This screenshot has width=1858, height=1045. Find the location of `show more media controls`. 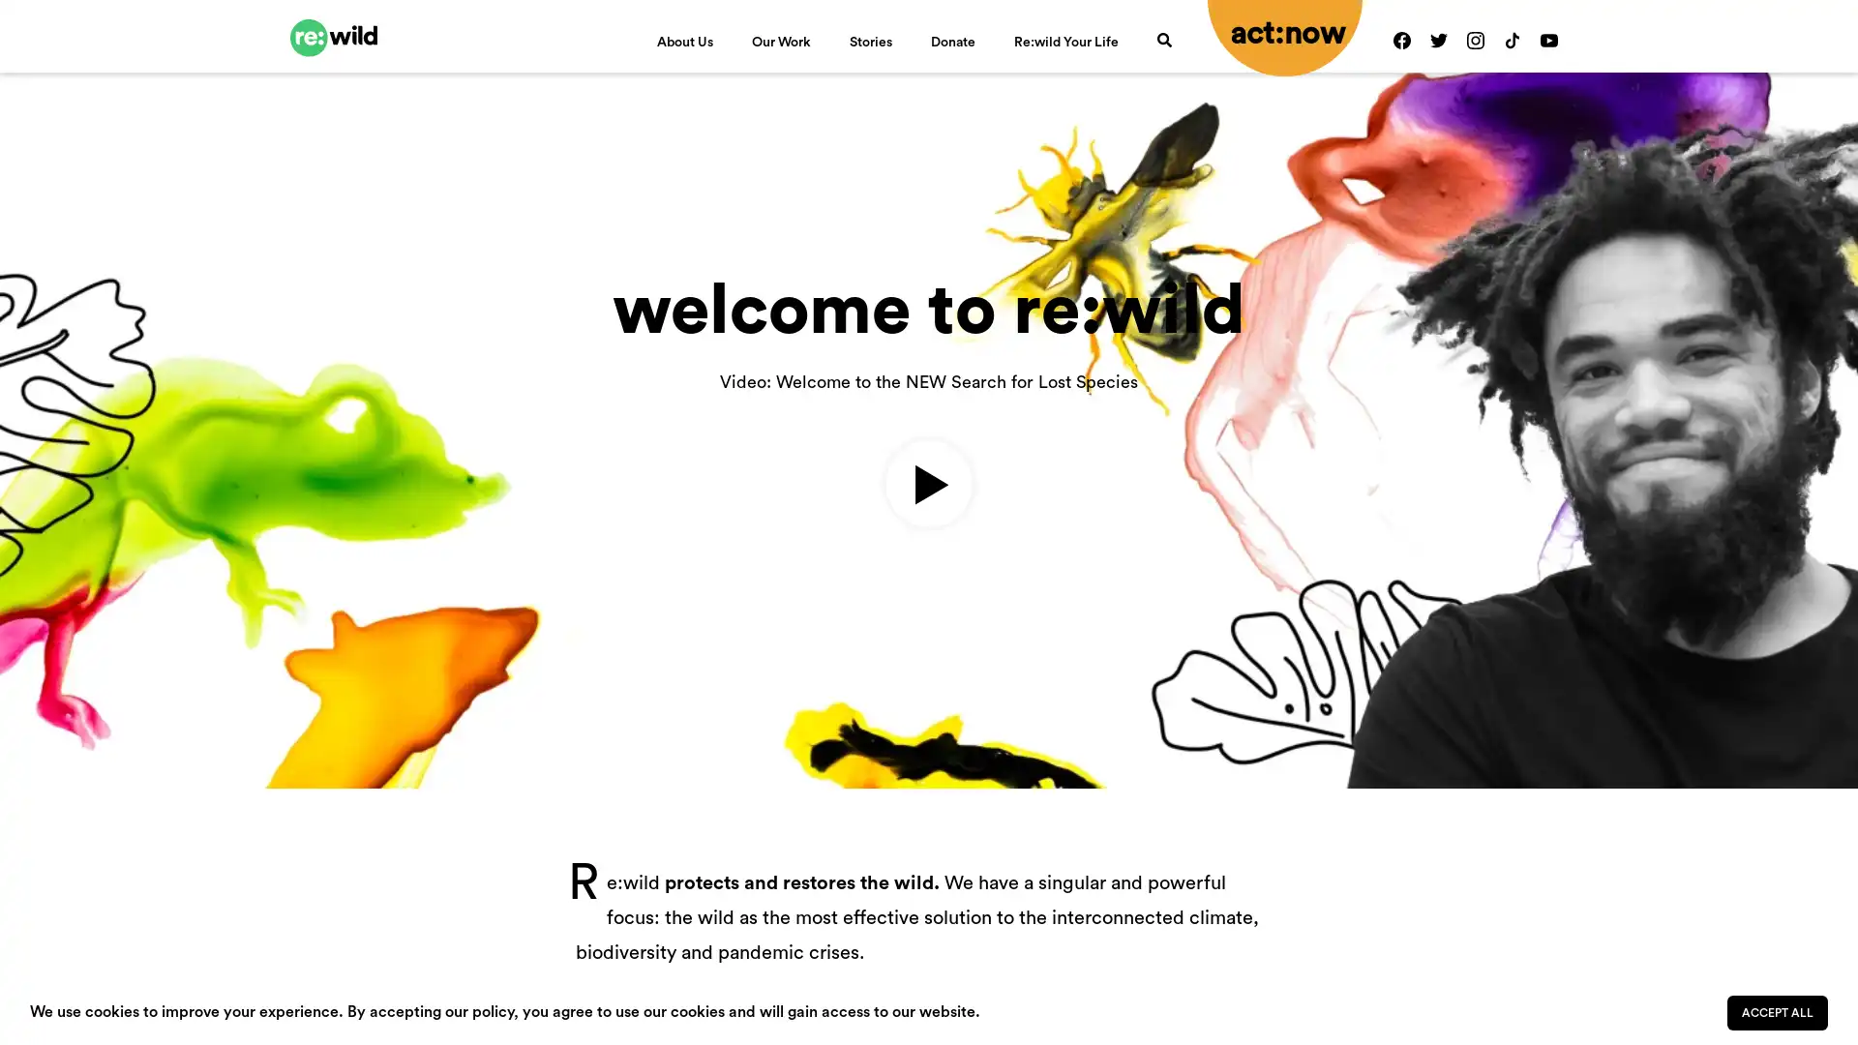

show more media controls is located at coordinates (1811, 654).